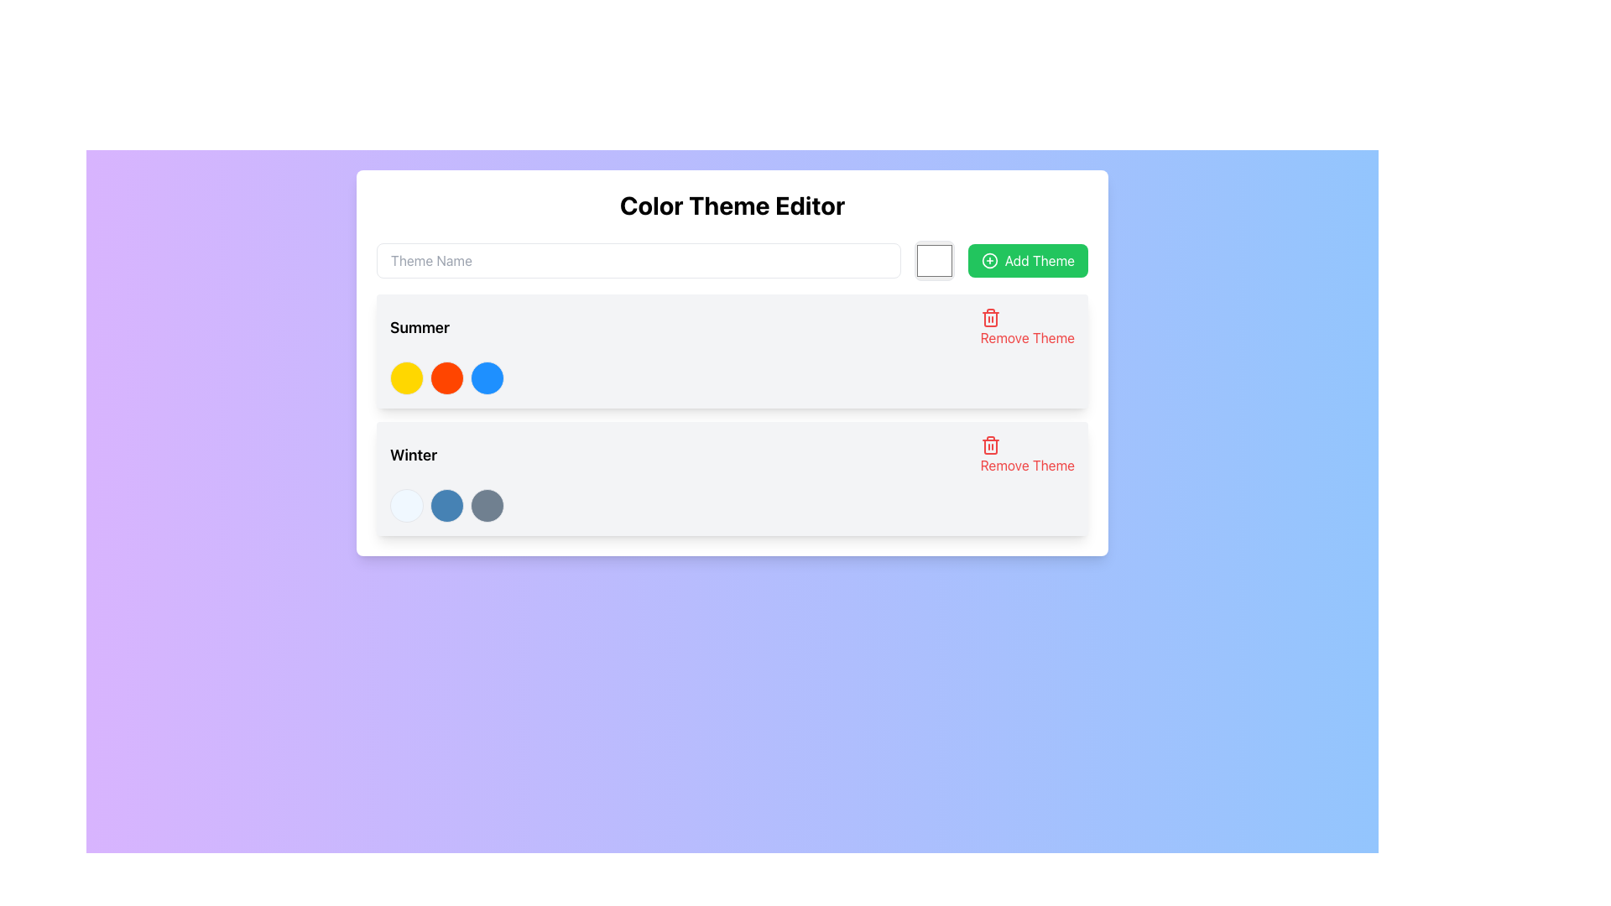 The height and width of the screenshot is (906, 1611). I want to click on the 'Winter' text label, which is in bold and large font, located in the second main row beneath the 'Summer' theme section, so click(414, 456).